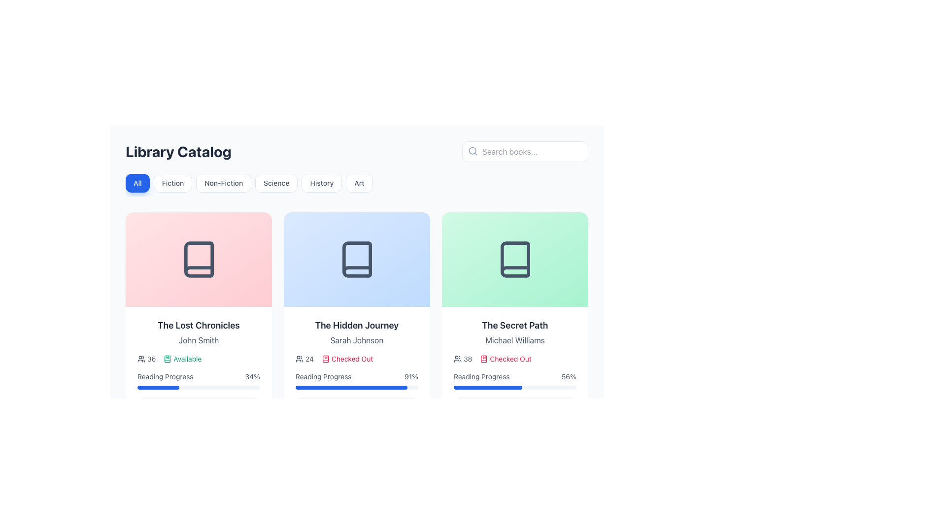 This screenshot has height=532, width=946. I want to click on the 'Fiction' navigation button located between the 'All' and 'Non-Fiction' buttons to get a visual highlight, so click(172, 183).